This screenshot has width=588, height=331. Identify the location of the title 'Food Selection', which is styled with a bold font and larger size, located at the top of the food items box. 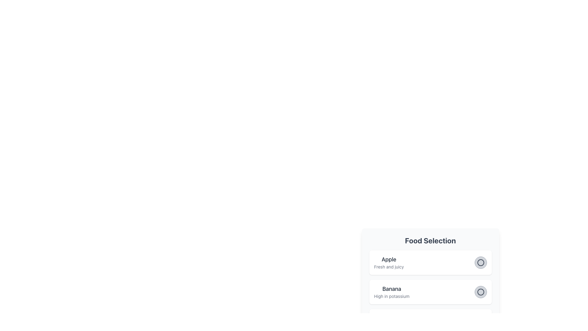
(430, 240).